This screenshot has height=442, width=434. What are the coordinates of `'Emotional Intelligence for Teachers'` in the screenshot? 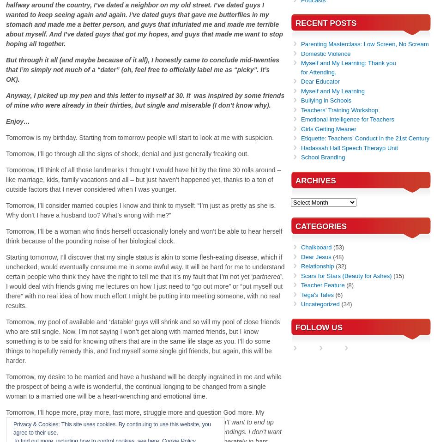 It's located at (301, 119).